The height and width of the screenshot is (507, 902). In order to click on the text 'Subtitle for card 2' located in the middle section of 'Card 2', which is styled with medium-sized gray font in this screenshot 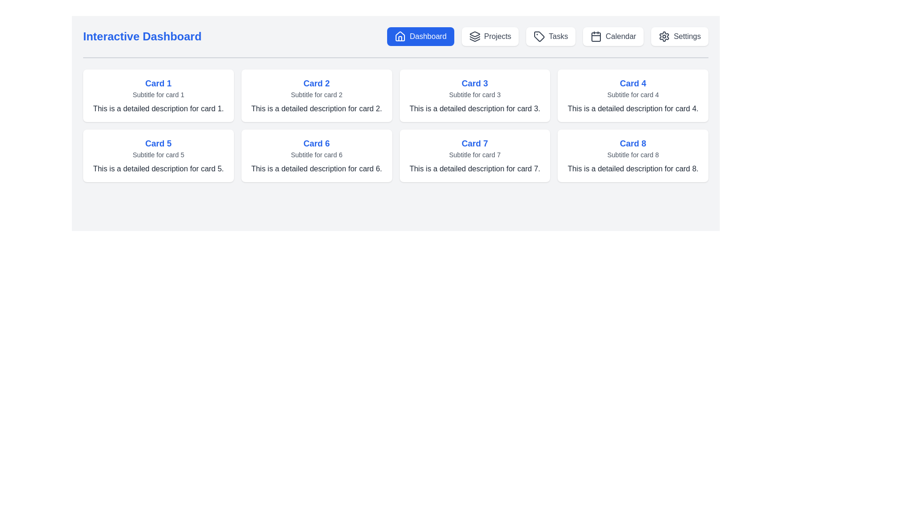, I will do `click(317, 94)`.